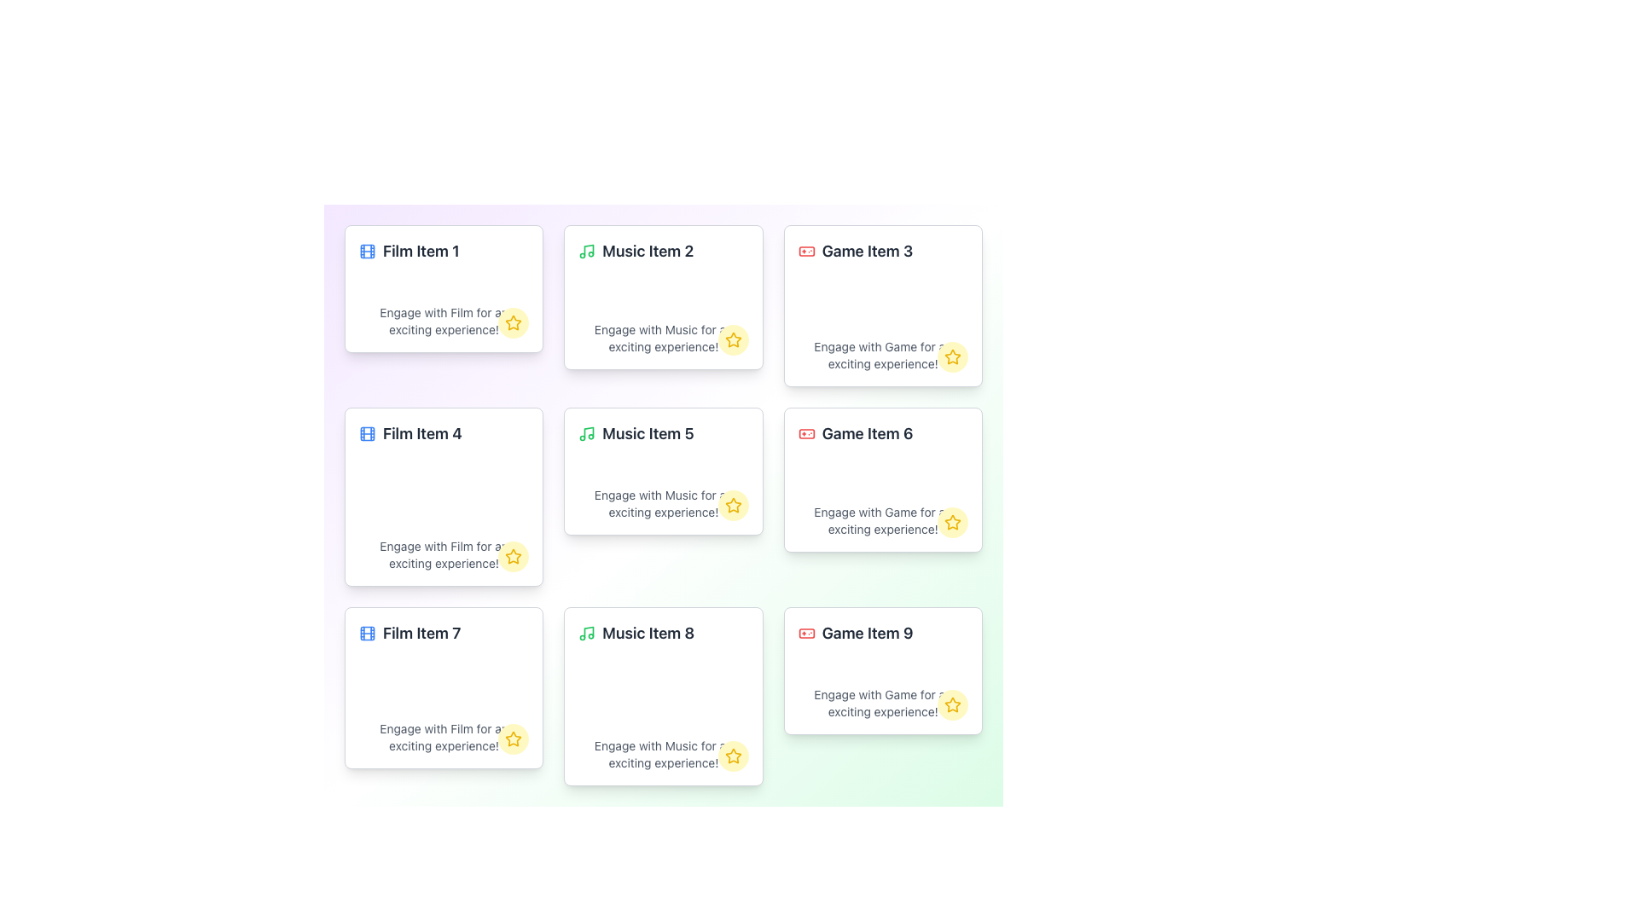 Image resolution: width=1638 pixels, height=921 pixels. What do you see at coordinates (422, 433) in the screenshot?
I see `the static text element labeled 'Film Item 4', which is styled in bold and large font, located in the second card of the first column in a 3x3 grid` at bounding box center [422, 433].